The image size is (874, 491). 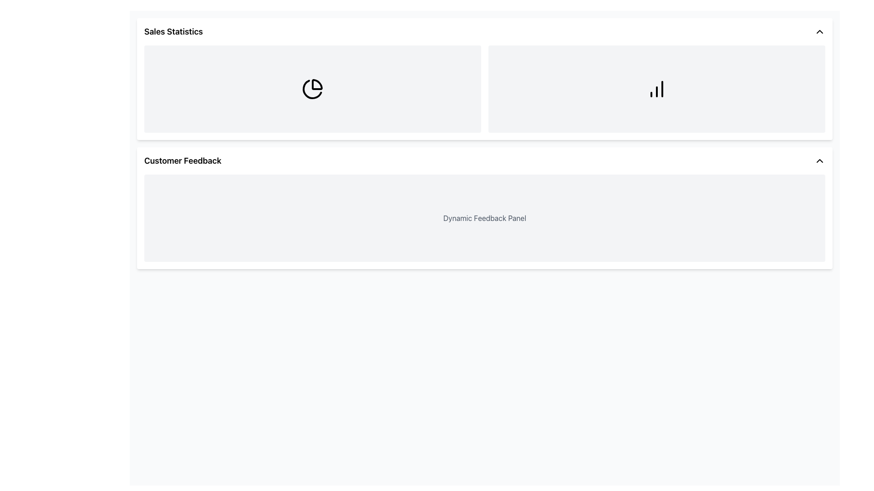 What do you see at coordinates (312, 89) in the screenshot?
I see `the statistical or analytical data visualization icon located under the 'Sales Statistics' section by clicking on it` at bounding box center [312, 89].